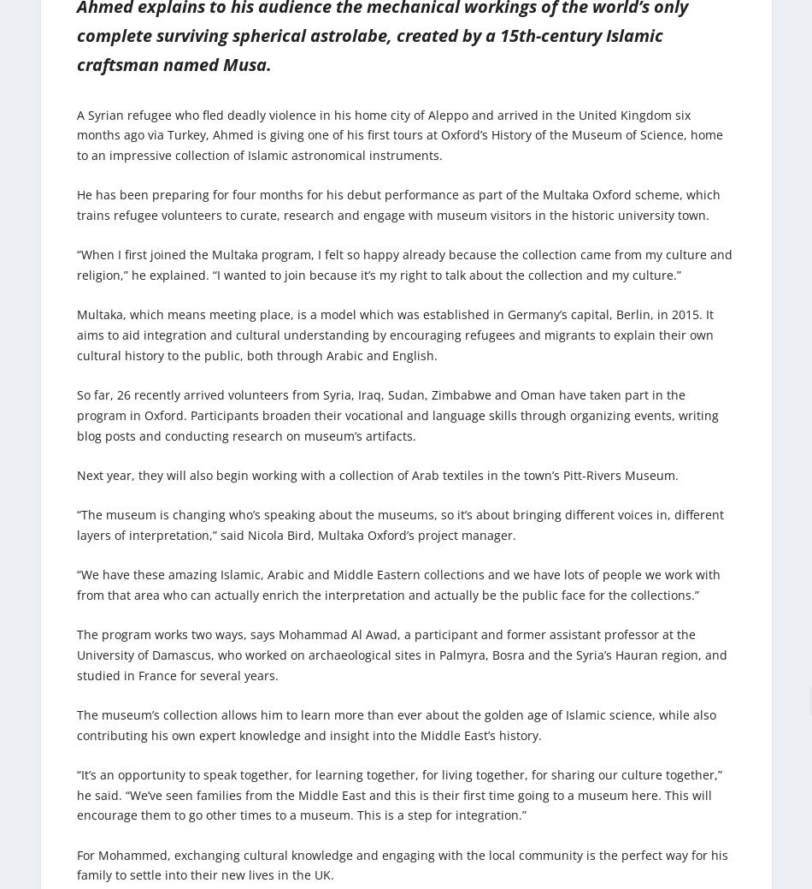 This screenshot has width=812, height=889. Describe the element at coordinates (76, 584) in the screenshot. I see `'“We have these amazing Islamic, Arabic and Middle Eastern collections and we have lots of people we work with from that area who can actually enrich the interpretation and actually be the public face for the collections.”'` at that location.